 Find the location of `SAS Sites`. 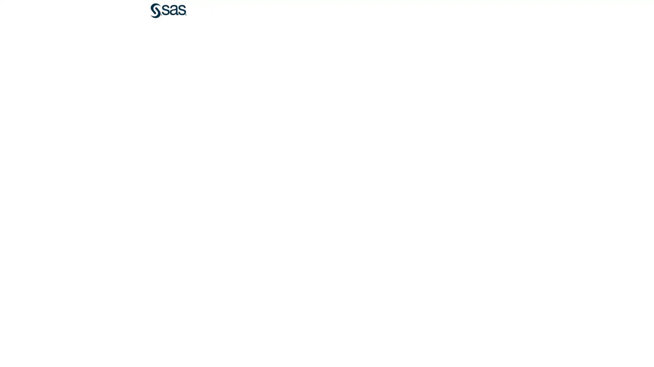

SAS Sites is located at coordinates (508, 11).